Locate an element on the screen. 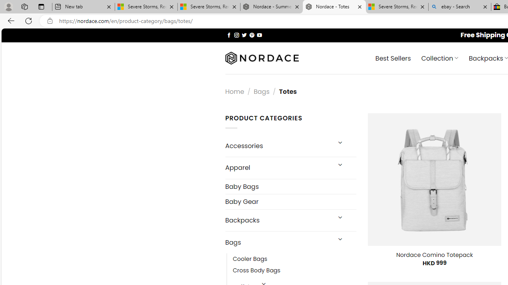  '  Best Sellers' is located at coordinates (393, 57).